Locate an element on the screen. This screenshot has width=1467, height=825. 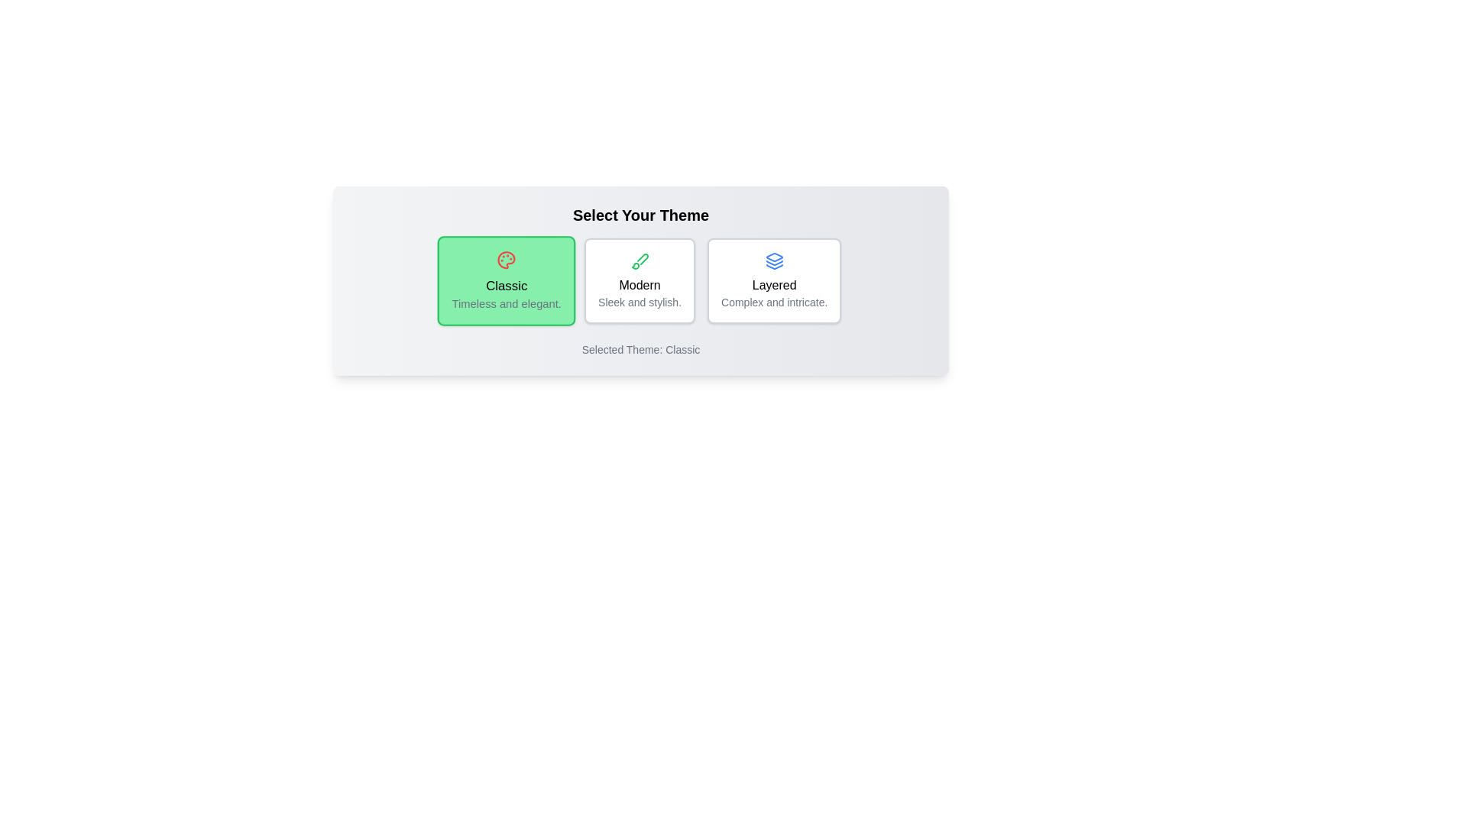
the theme Classic by clicking on its card is located at coordinates (506, 280).